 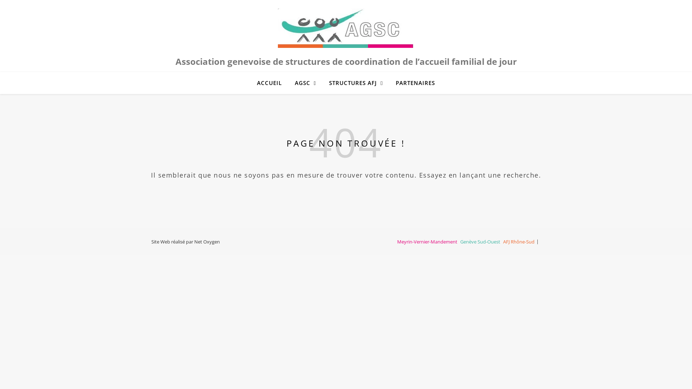 What do you see at coordinates (346, 27) in the screenshot?
I see `'AGSC'` at bounding box center [346, 27].